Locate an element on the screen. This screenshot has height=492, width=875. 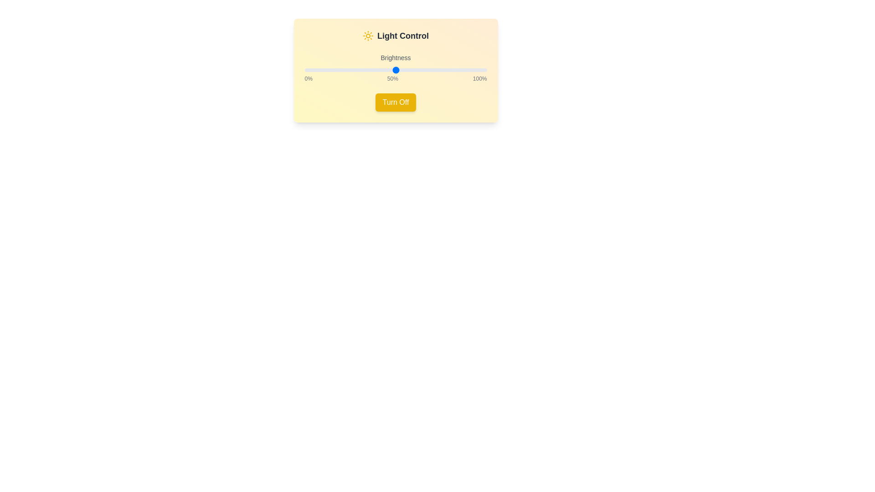
brightness is located at coordinates (304, 70).